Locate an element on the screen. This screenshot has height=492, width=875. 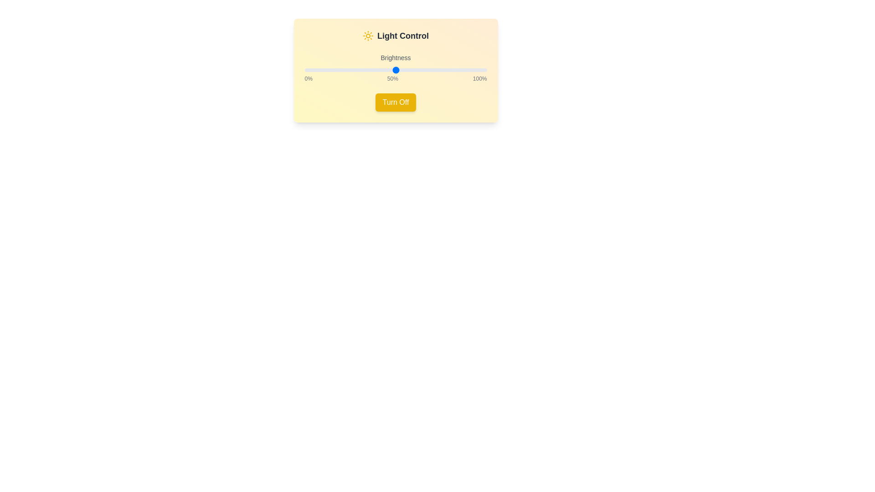
brightness is located at coordinates (304, 70).